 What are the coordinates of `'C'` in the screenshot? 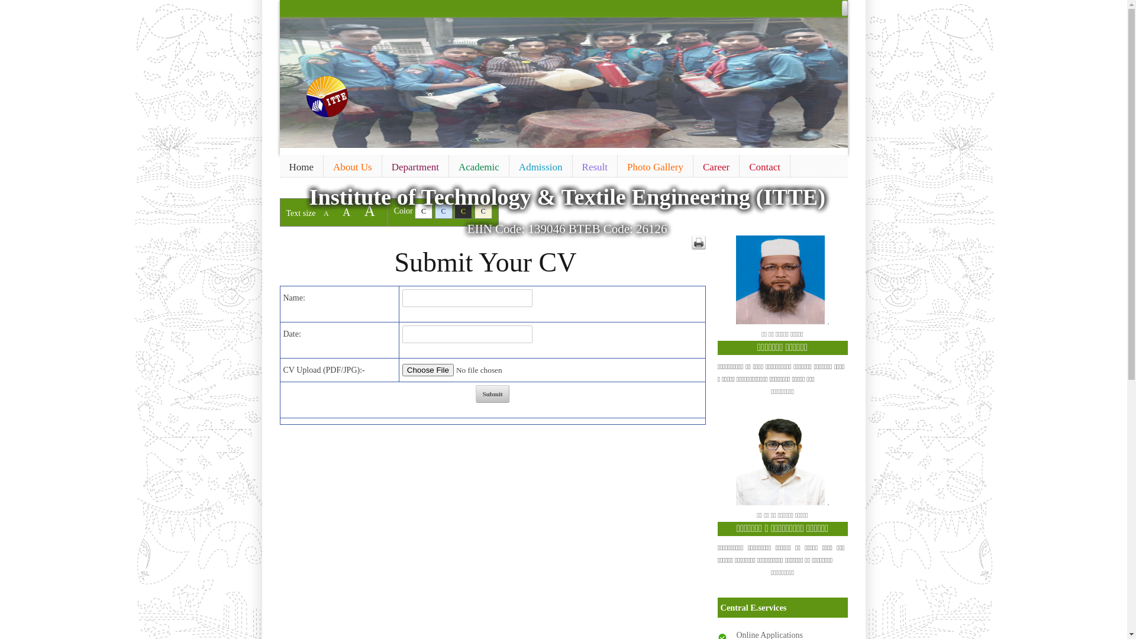 It's located at (423, 211).